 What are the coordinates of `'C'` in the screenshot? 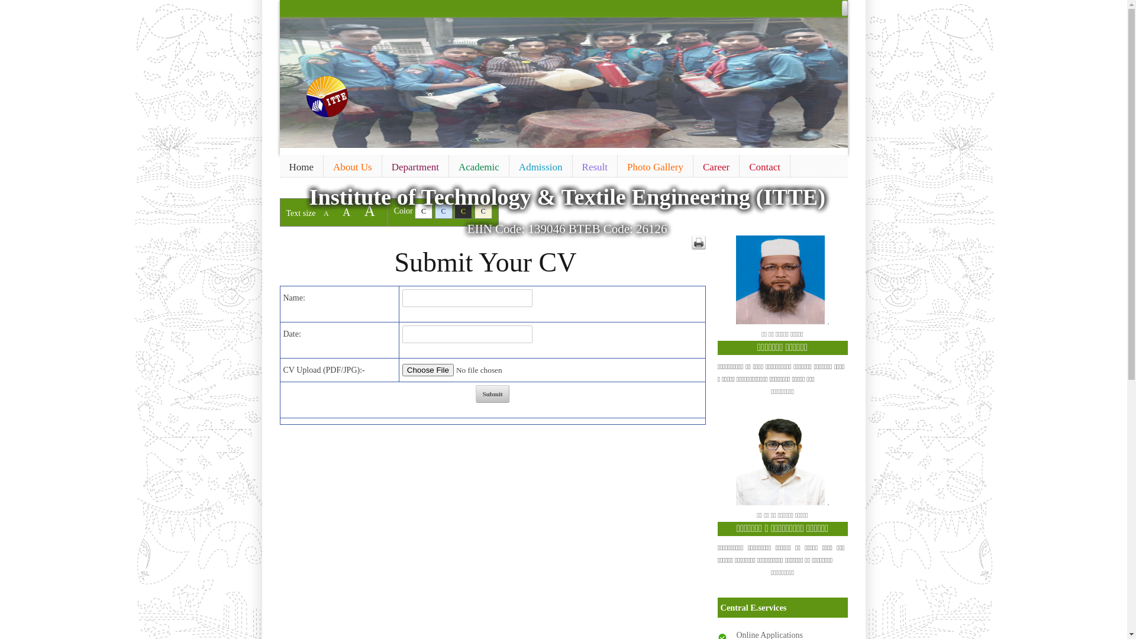 It's located at (423, 211).